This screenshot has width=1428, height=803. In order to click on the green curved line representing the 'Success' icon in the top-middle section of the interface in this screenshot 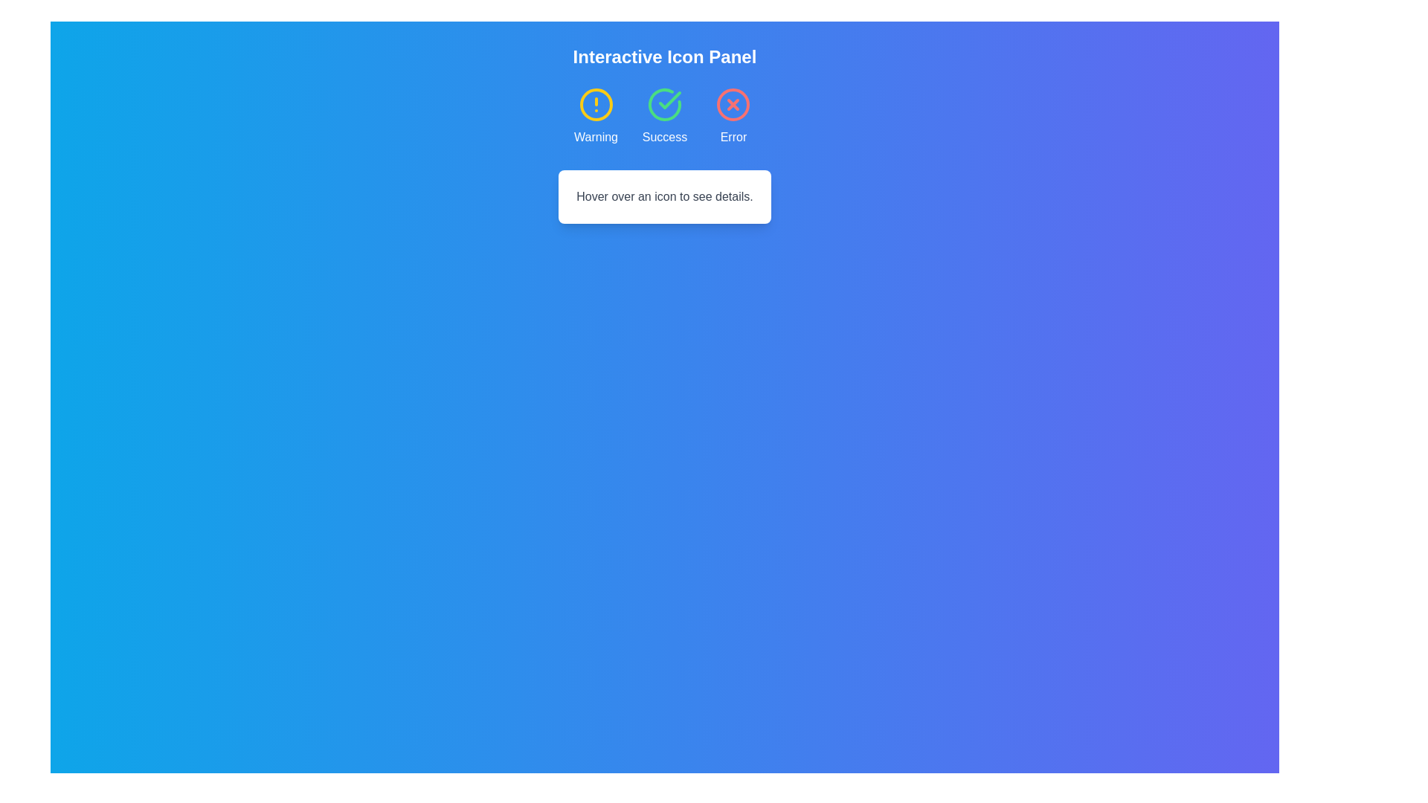, I will do `click(663, 103)`.